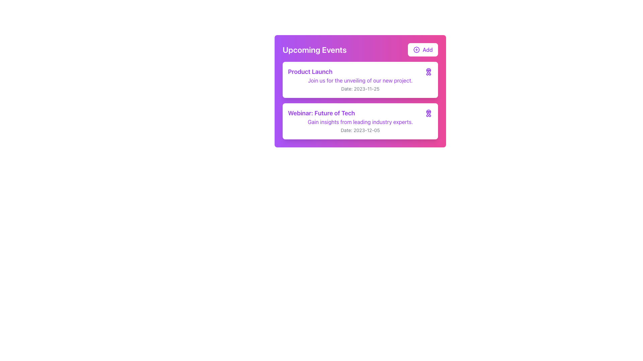  Describe the element at coordinates (321, 113) in the screenshot. I see `the title text label in the lower event card of the 'Upcoming Events' module` at that location.